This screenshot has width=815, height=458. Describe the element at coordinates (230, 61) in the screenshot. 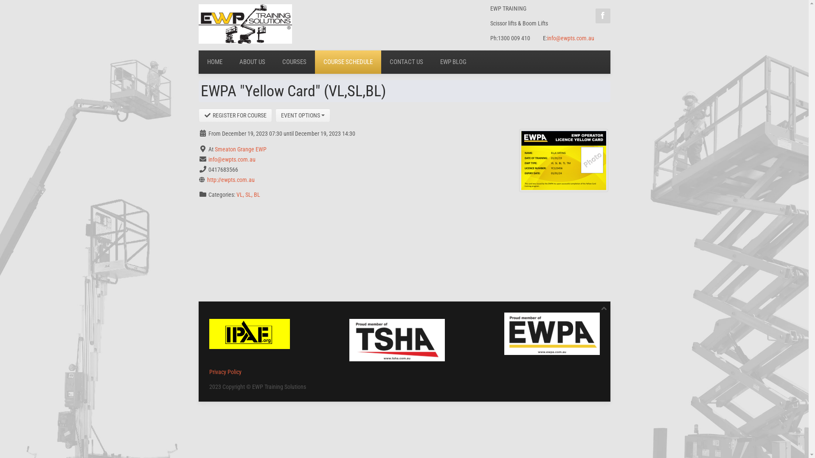

I see `'ABOUT US'` at that location.